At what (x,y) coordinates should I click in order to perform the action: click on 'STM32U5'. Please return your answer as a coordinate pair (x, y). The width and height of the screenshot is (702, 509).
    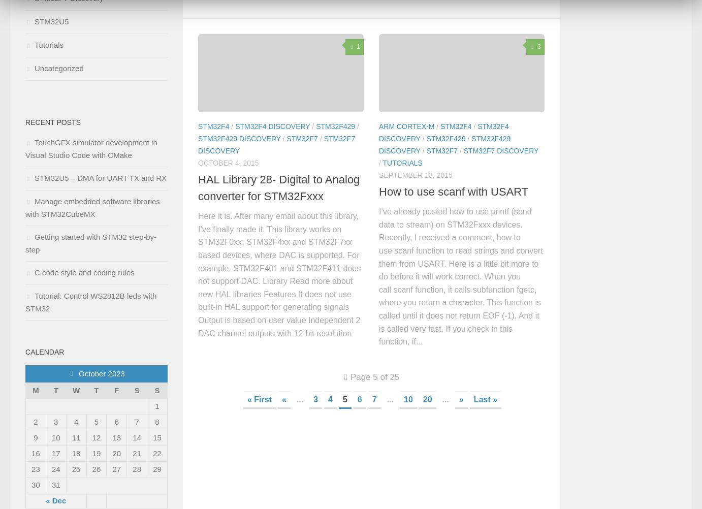
    Looking at the image, I should click on (51, 21).